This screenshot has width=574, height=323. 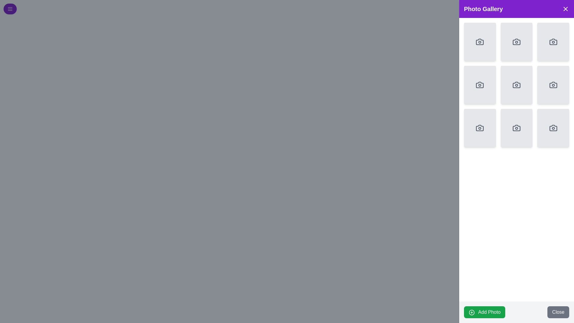 I want to click on the SVG camera icon located in the second row, second column of a 3x3 grid layout in the photo gallery feature, so click(x=516, y=41).